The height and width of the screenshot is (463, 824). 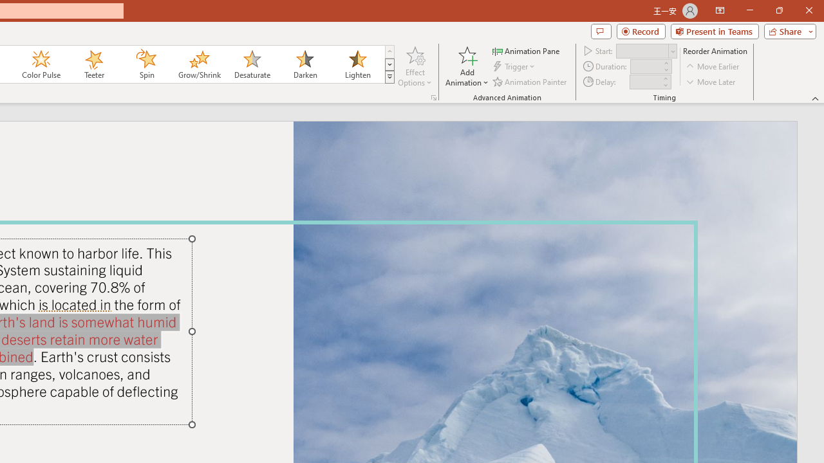 What do you see at coordinates (714, 30) in the screenshot?
I see `'Present in Teams'` at bounding box center [714, 30].